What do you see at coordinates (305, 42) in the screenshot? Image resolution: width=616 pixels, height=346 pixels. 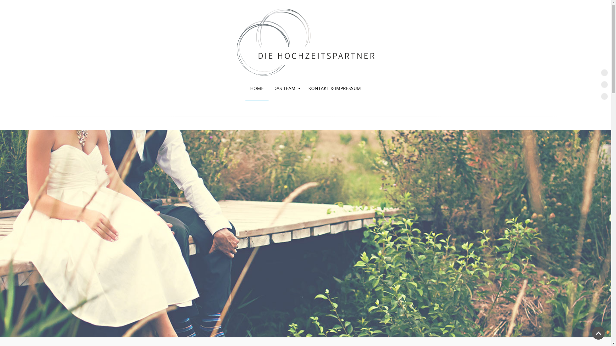 I see `'Logo Hochzeitspartner'` at bounding box center [305, 42].